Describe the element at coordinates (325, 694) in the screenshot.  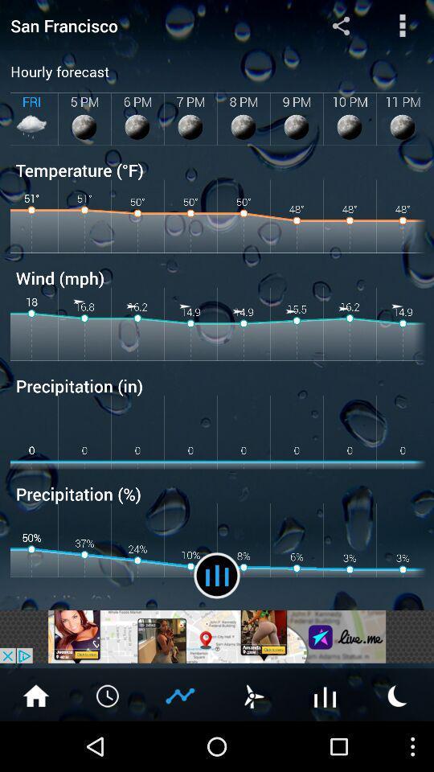
I see `temperature graphs` at that location.